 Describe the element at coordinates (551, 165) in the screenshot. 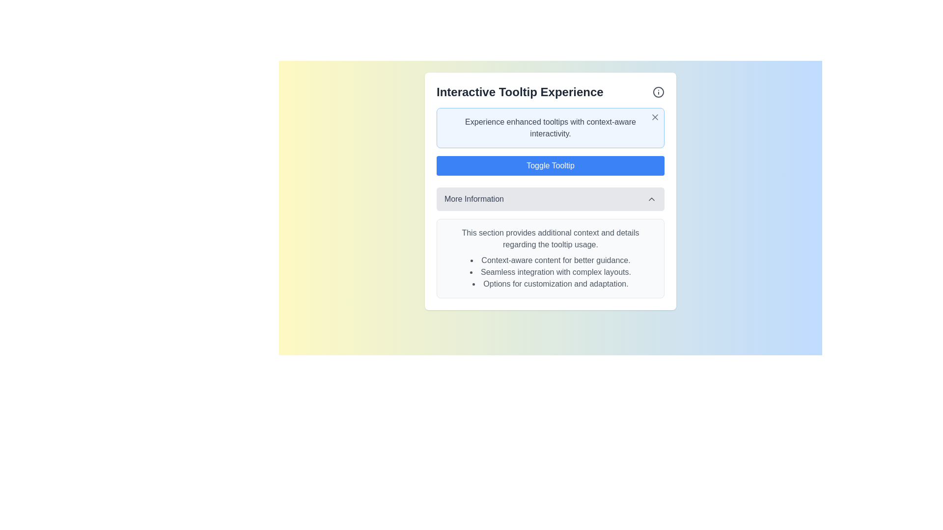

I see `the 'Toggle Tooltip' button, which is a horizontally elongated button with a vibrant blue background and white bold text` at that location.